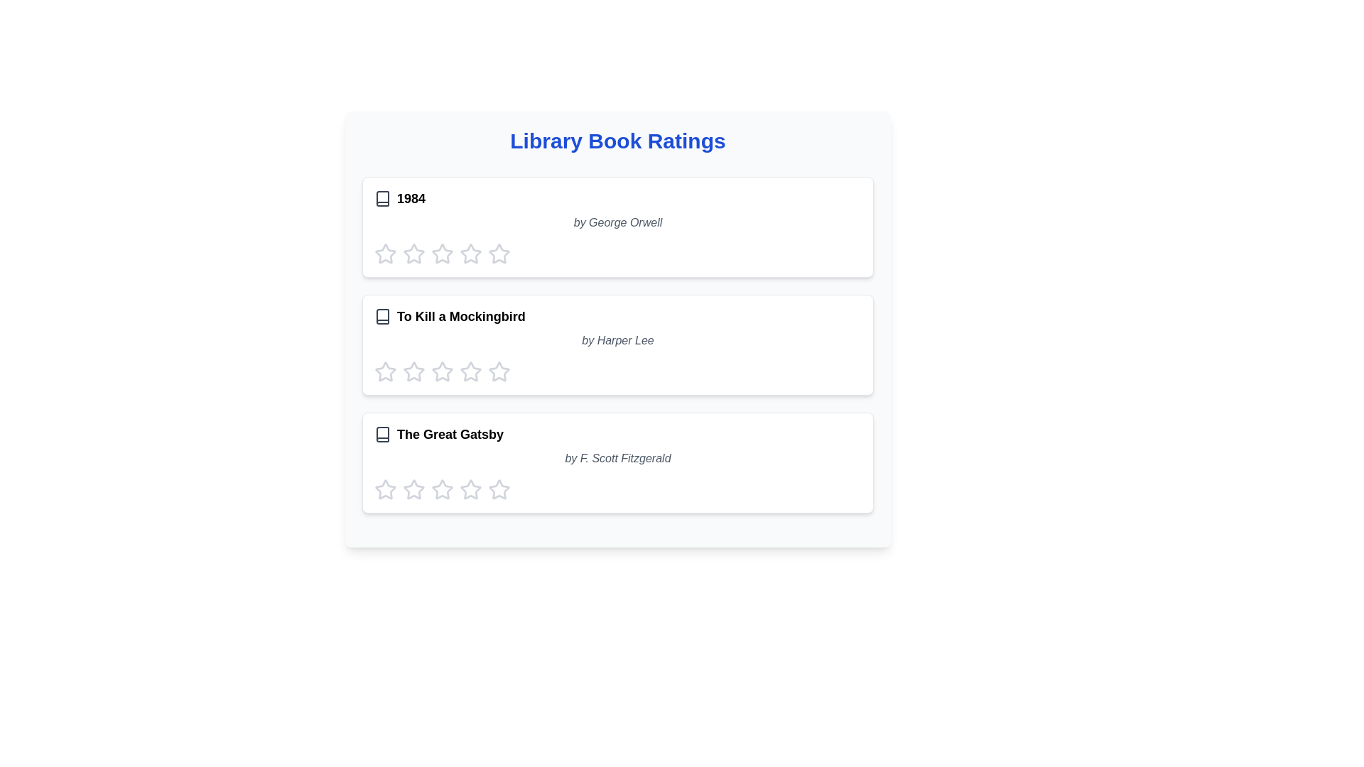 This screenshot has width=1364, height=767. I want to click on the first star icon in the rating section under 'To Kill a Mockingbird', so click(385, 371).